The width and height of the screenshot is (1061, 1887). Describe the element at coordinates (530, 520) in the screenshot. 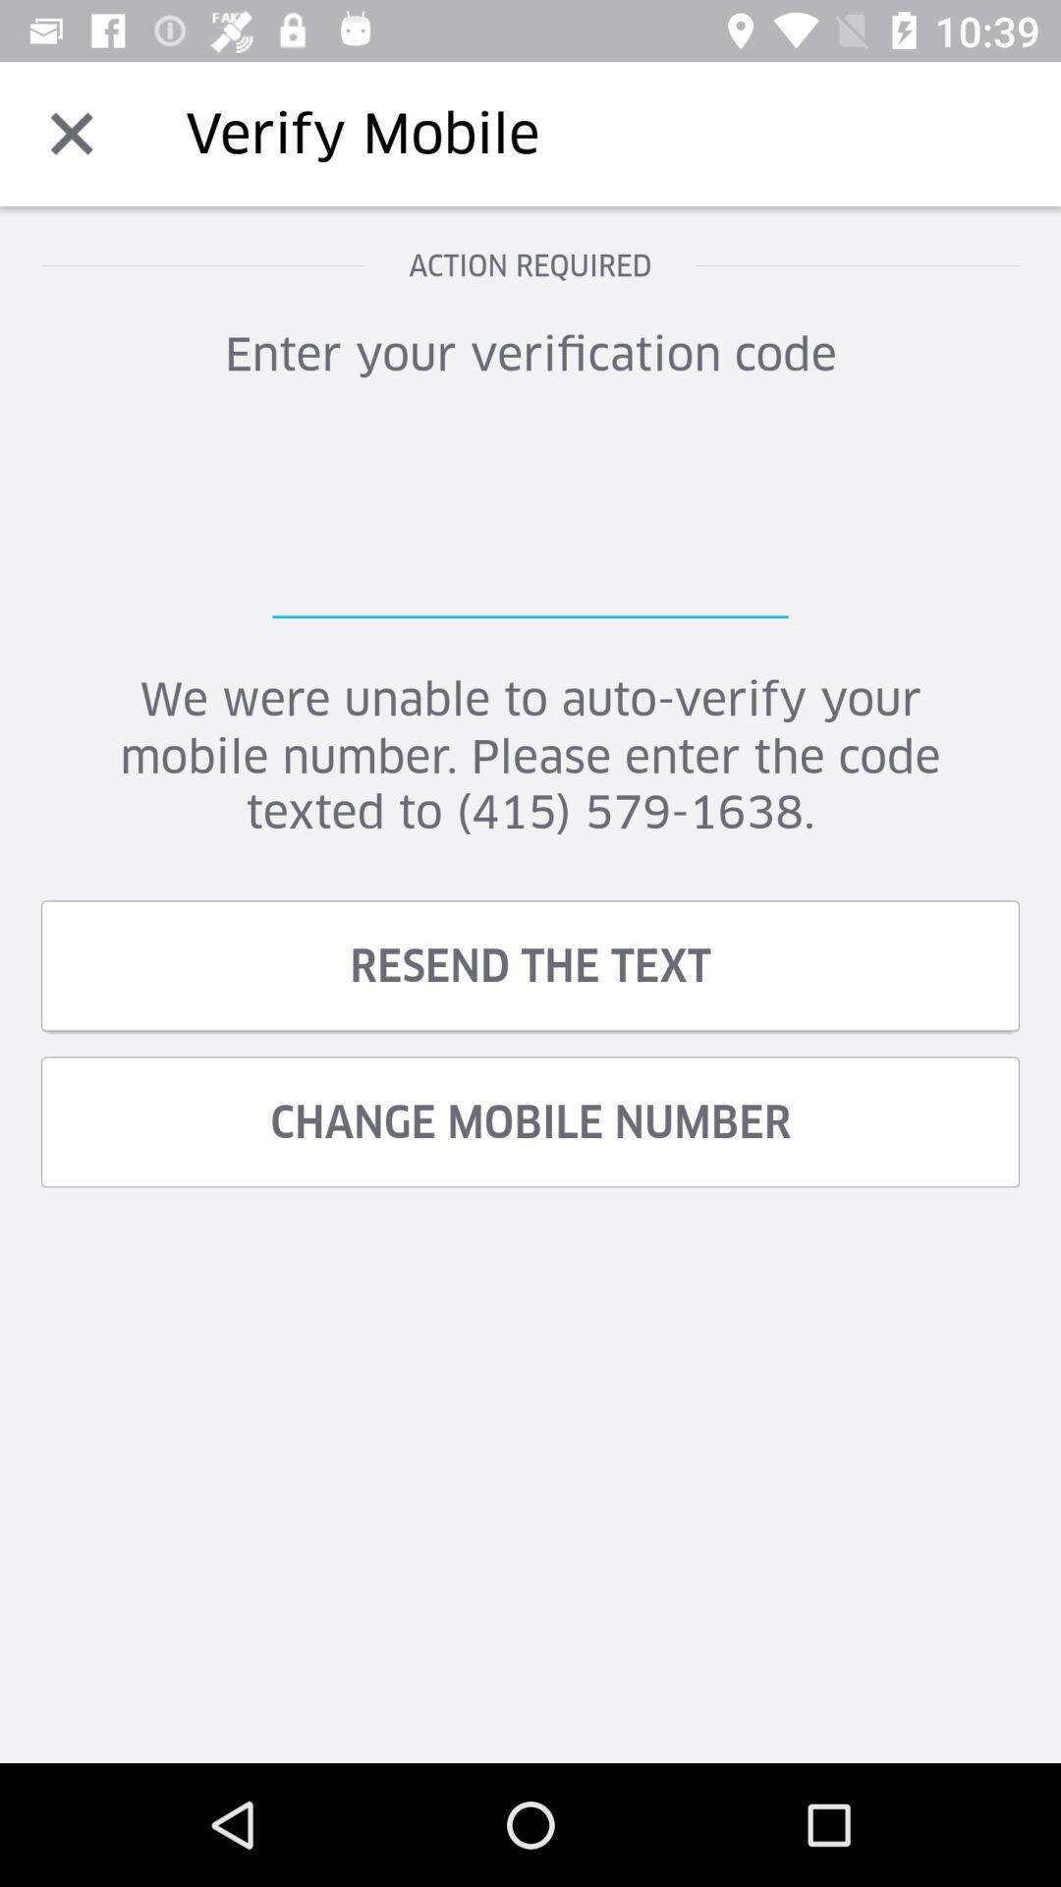

I see `verification code` at that location.